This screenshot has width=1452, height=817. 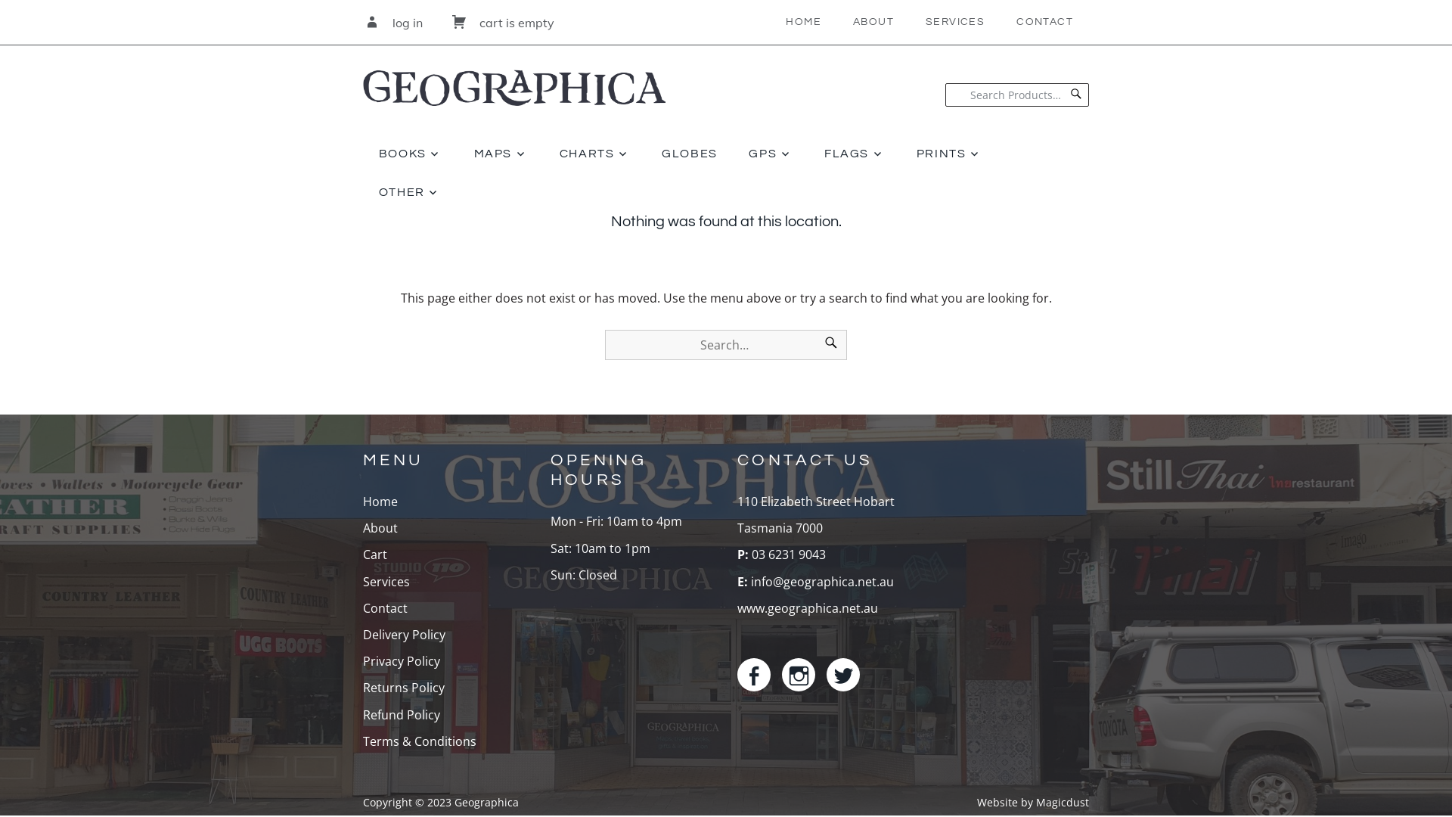 What do you see at coordinates (363, 154) in the screenshot?
I see `'BOOKS'` at bounding box center [363, 154].